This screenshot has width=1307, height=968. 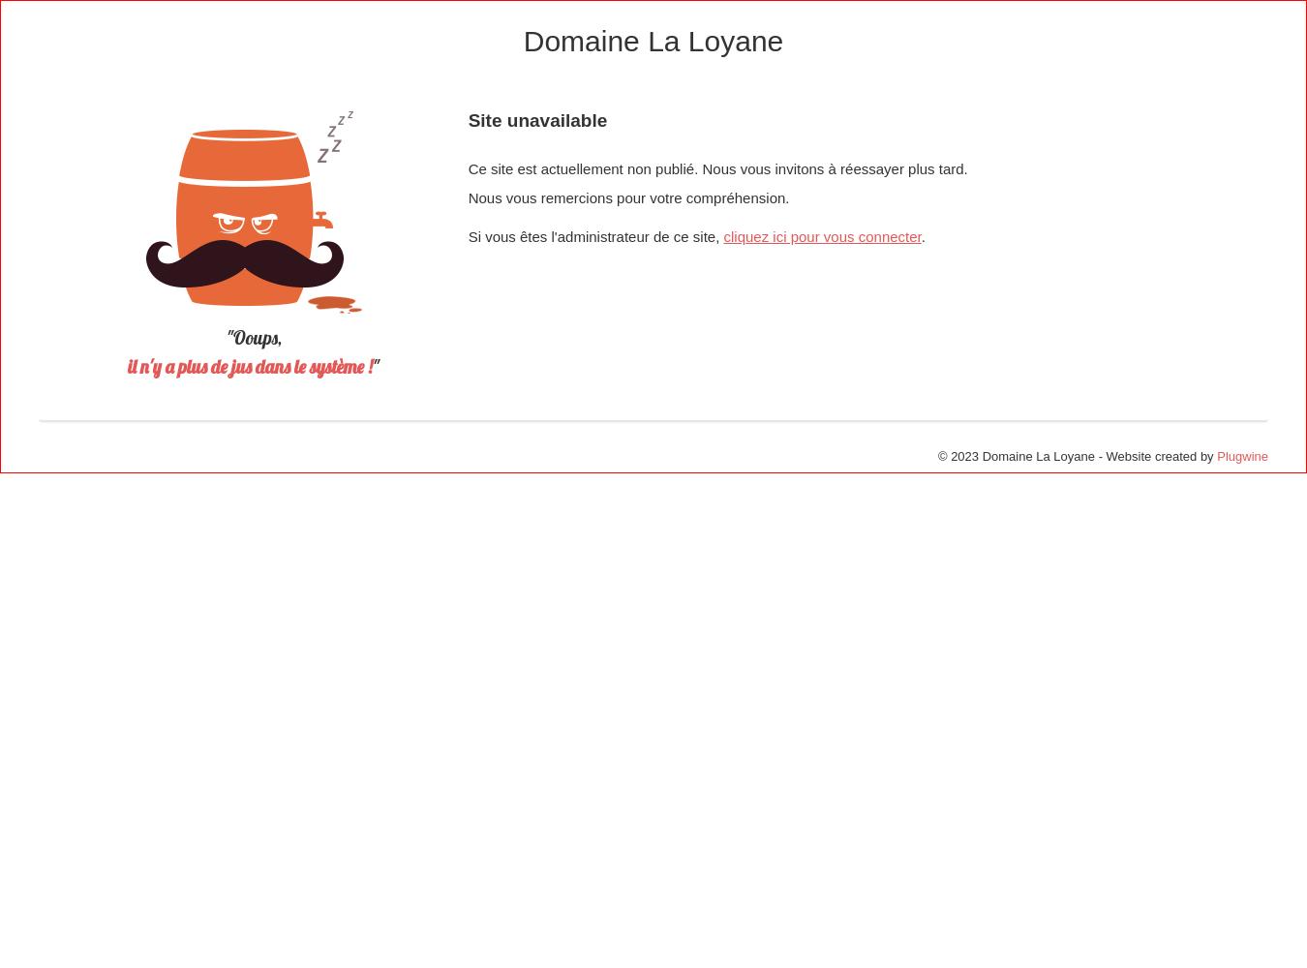 What do you see at coordinates (653, 41) in the screenshot?
I see `'Domaine La Loyane'` at bounding box center [653, 41].